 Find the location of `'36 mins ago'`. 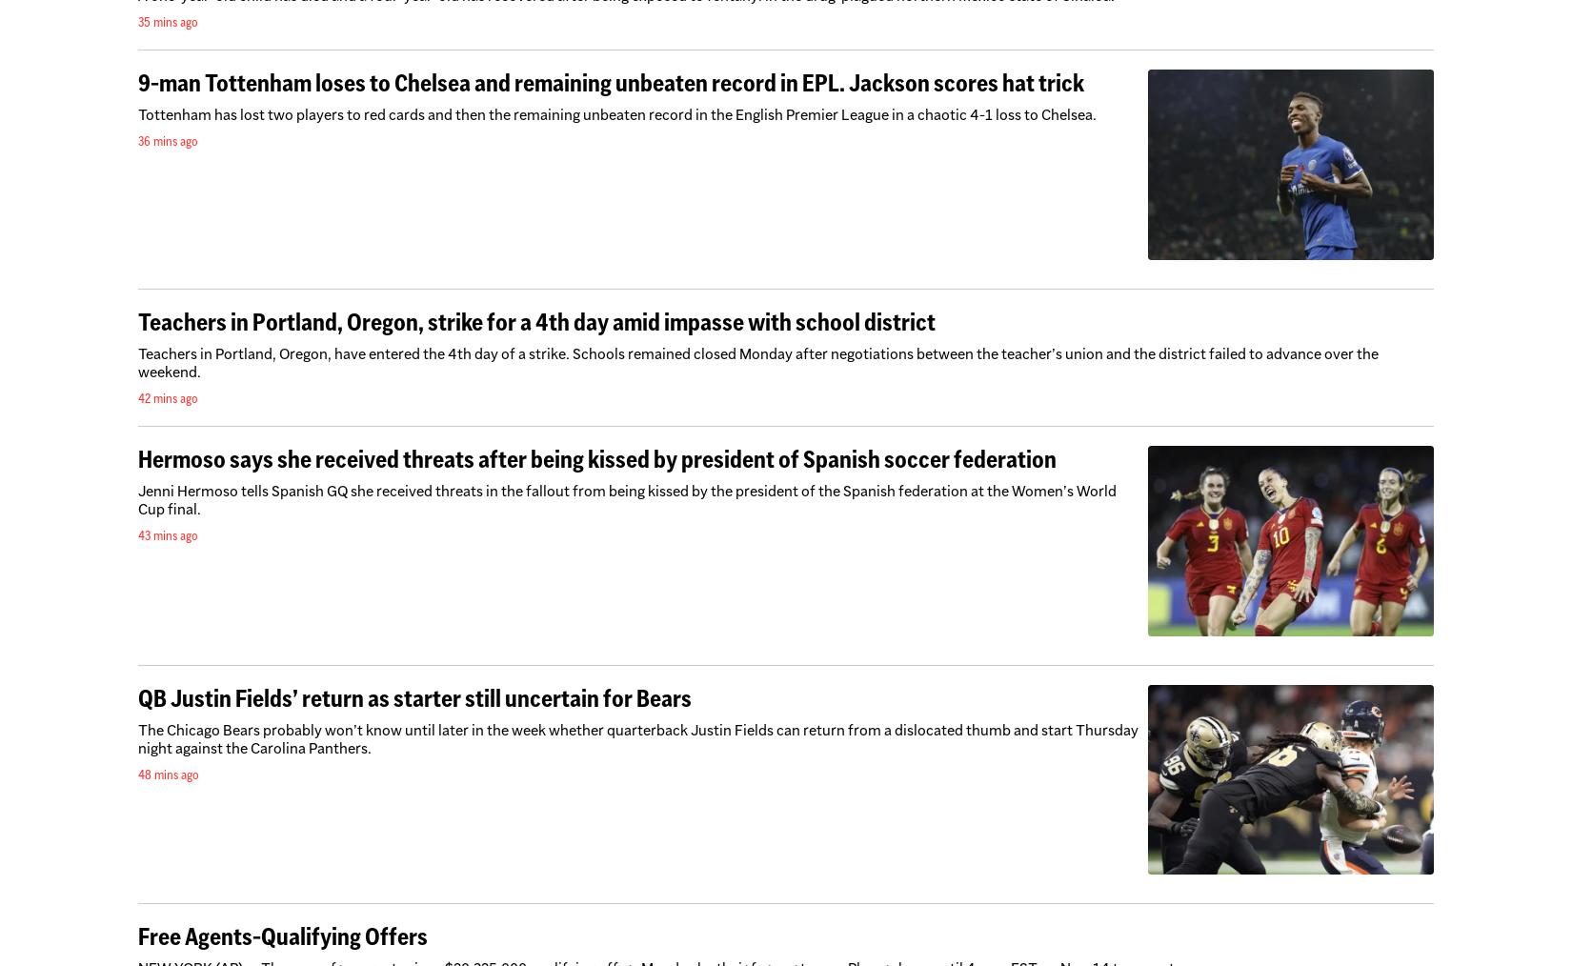

'36 mins ago' is located at coordinates (168, 141).